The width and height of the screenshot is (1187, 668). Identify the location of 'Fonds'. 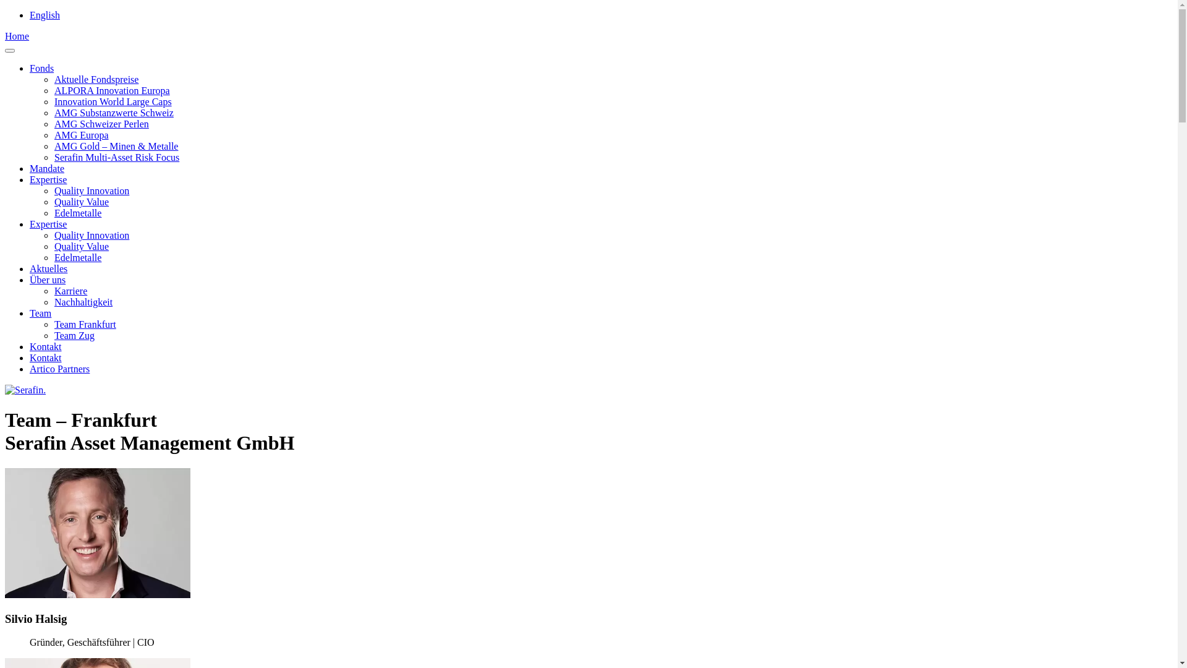
(30, 68).